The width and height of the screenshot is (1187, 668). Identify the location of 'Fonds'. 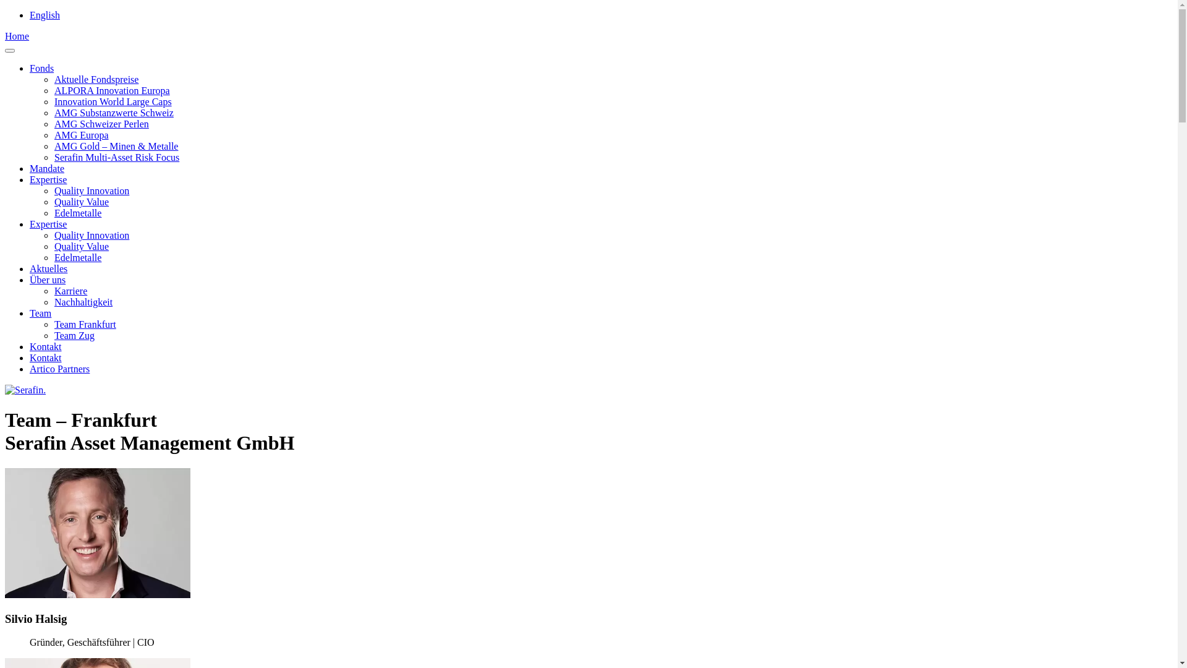
(30, 68).